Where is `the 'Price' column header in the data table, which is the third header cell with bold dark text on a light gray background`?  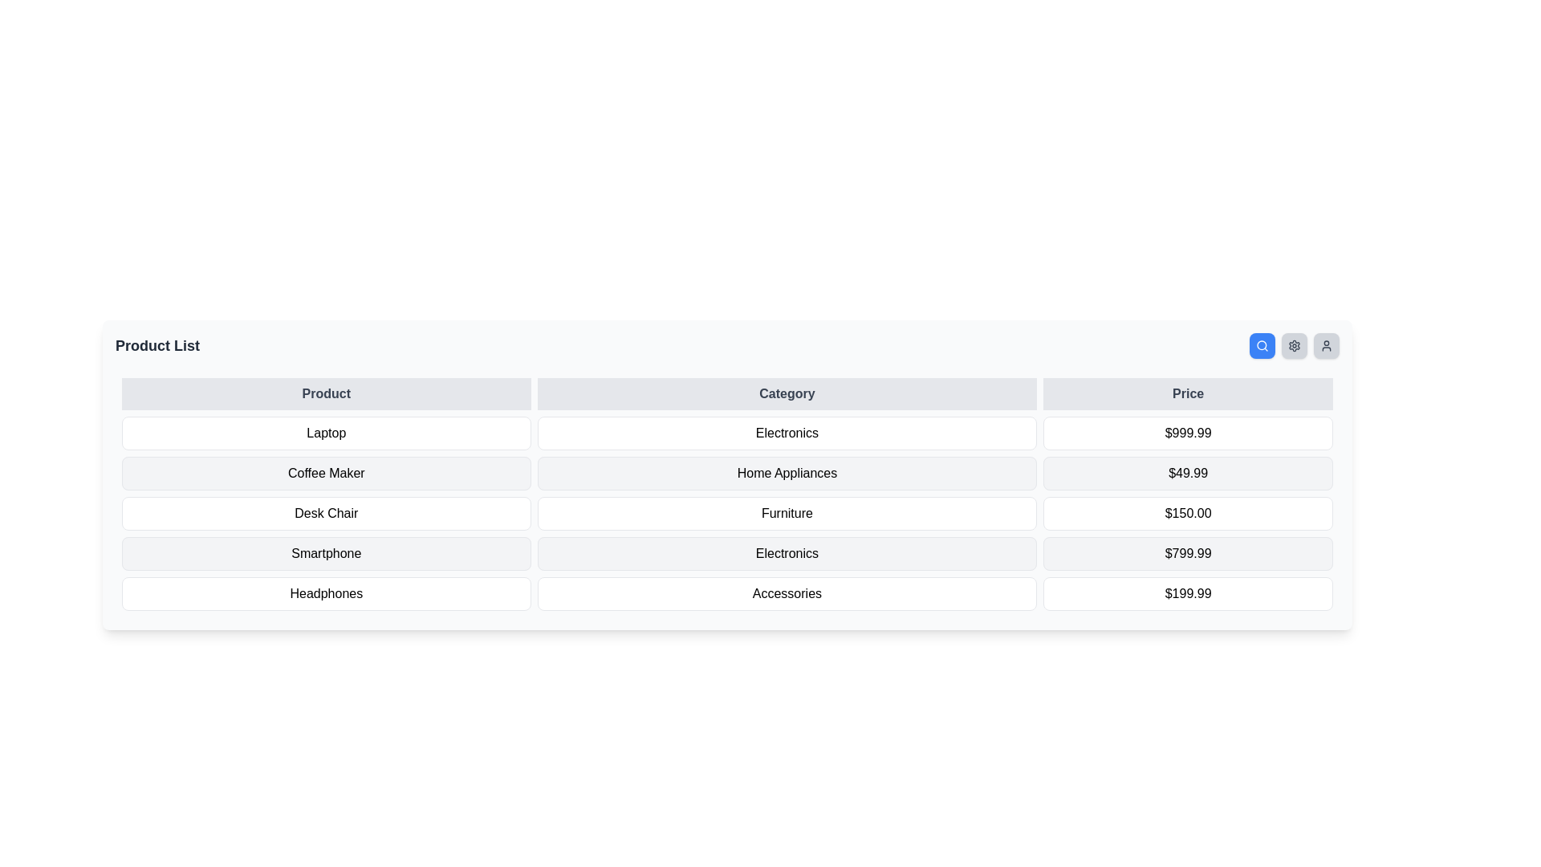 the 'Price' column header in the data table, which is the third header cell with bold dark text on a light gray background is located at coordinates (1188, 393).